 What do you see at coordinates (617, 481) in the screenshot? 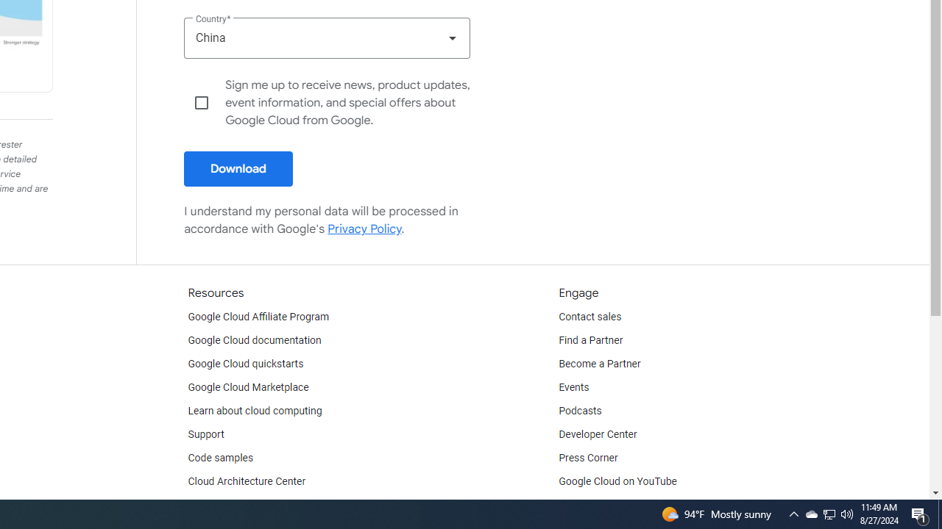
I see `'Google Cloud on YouTube'` at bounding box center [617, 481].